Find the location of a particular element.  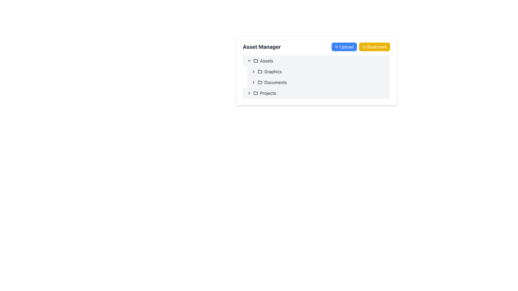

'Documents' folder icon located in the second level of the folder tree under 'Assets' is located at coordinates (260, 82).